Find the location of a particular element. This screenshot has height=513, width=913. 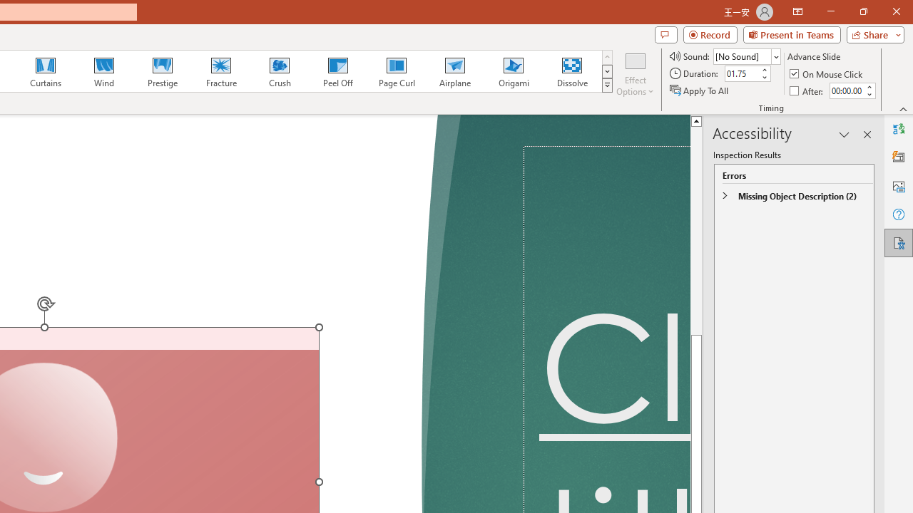

'Curtains' is located at coordinates (46, 71).